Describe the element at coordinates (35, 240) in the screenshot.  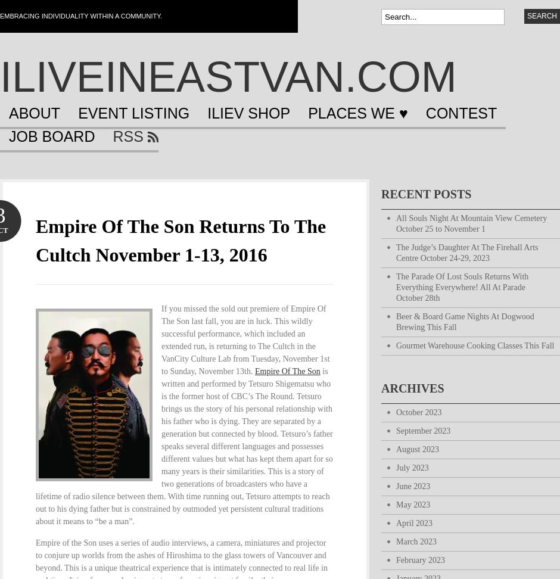
I see `'Empire Of The Son Returns To The Cultch November 1-13, 2016'` at that location.